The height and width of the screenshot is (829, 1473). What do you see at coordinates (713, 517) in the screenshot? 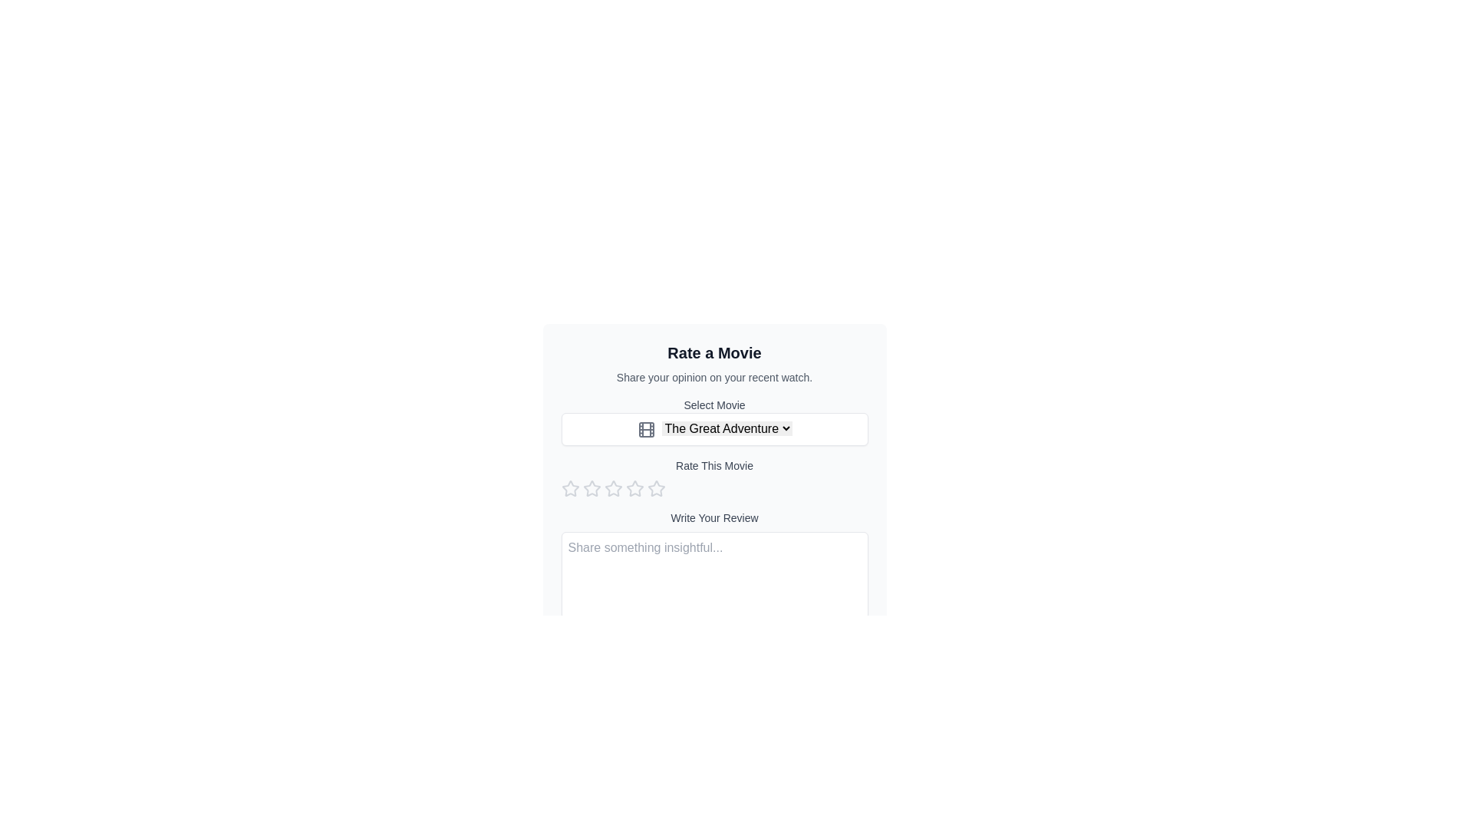
I see `the 'Write Your Review' text label, which is styled in gray and located below the star icons and above the multi-line input box` at bounding box center [713, 517].